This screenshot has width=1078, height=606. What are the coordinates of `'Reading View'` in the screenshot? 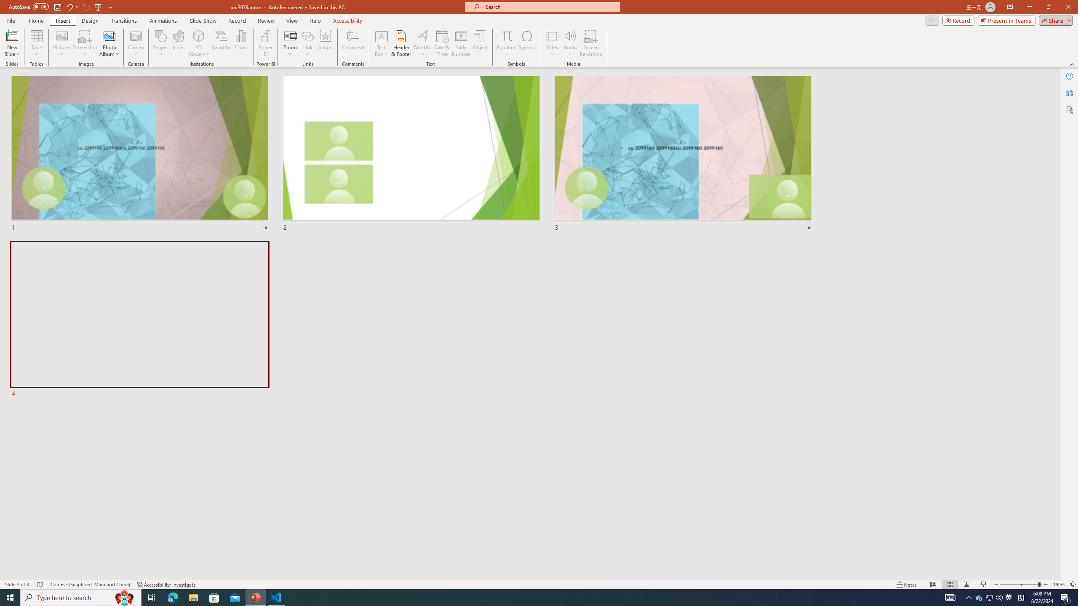 It's located at (966, 585).